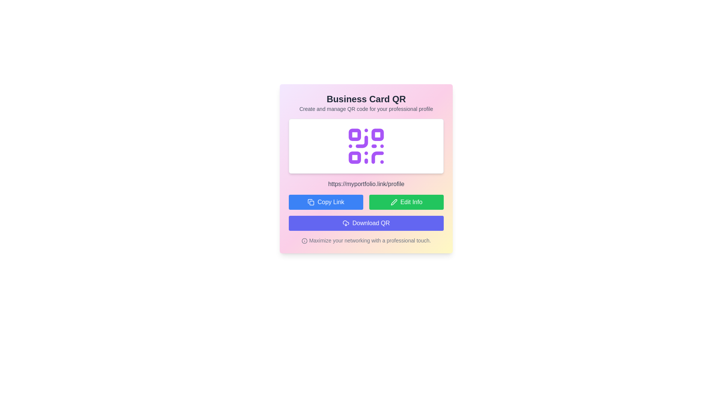 The image size is (722, 406). I want to click on the 'Copy Link' button located in the top left section of a grid of buttons to observe the hover effect, so click(326, 201).